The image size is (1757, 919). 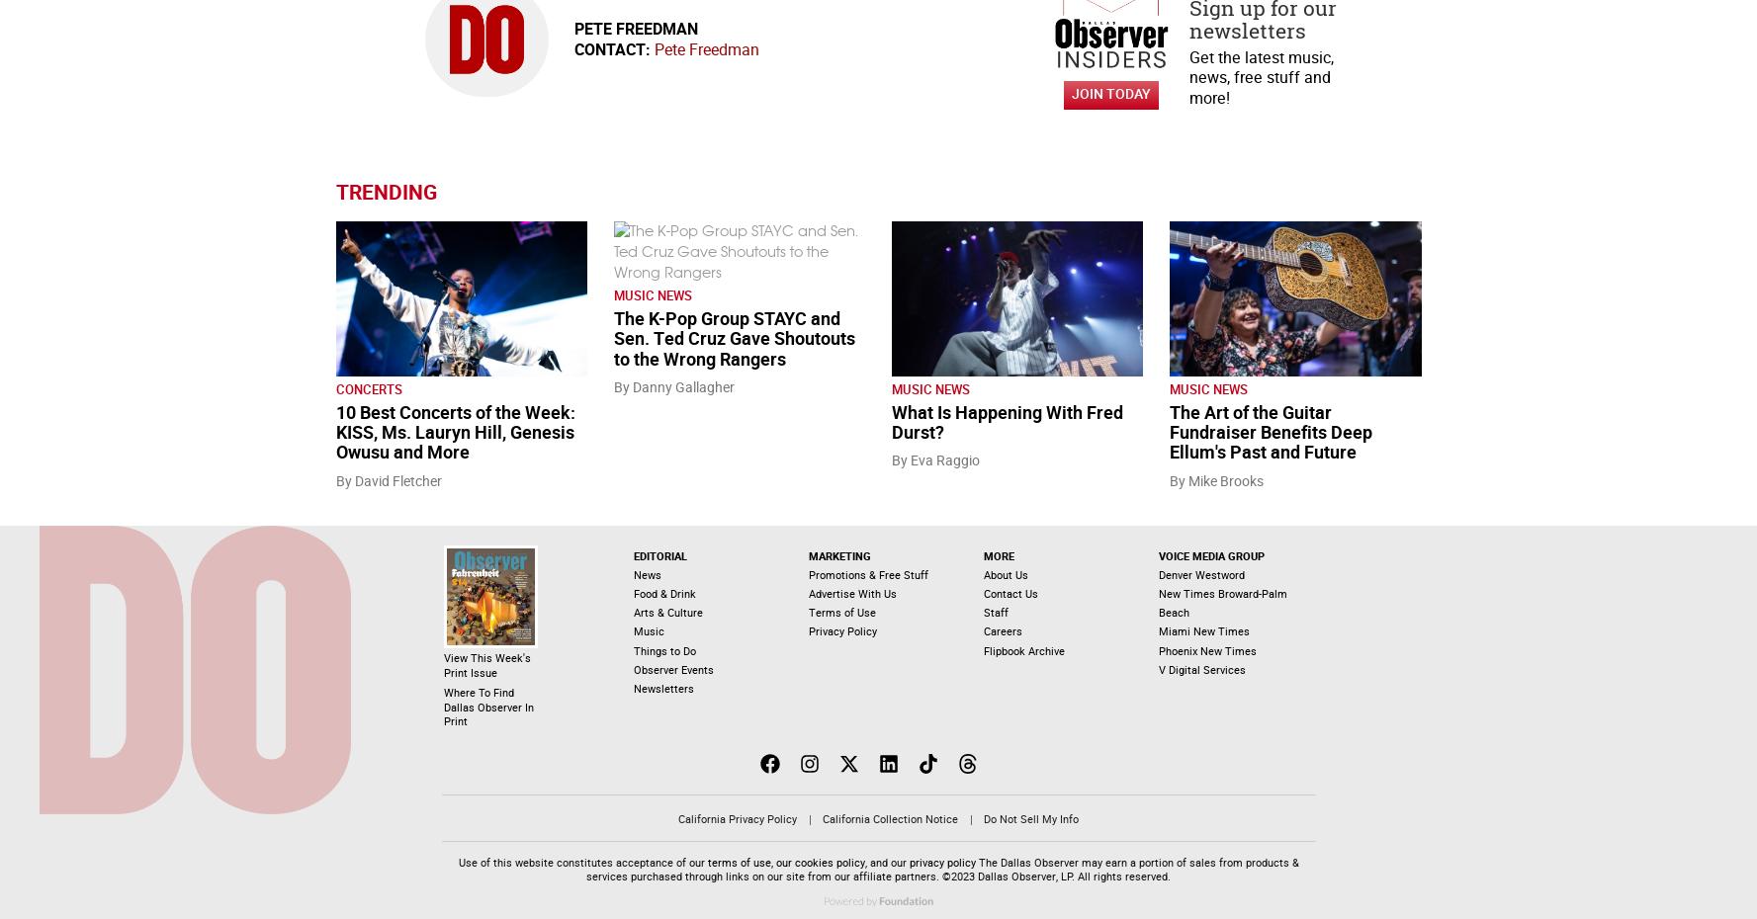 I want to click on 'Miami New Times', so click(x=1203, y=630).